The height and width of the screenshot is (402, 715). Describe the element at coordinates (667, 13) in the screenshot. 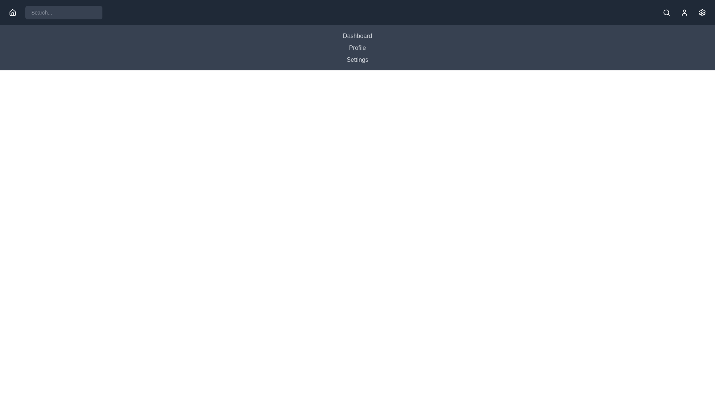

I see `the magnifying glass icon button located at the top-right corner of the header bar` at that location.